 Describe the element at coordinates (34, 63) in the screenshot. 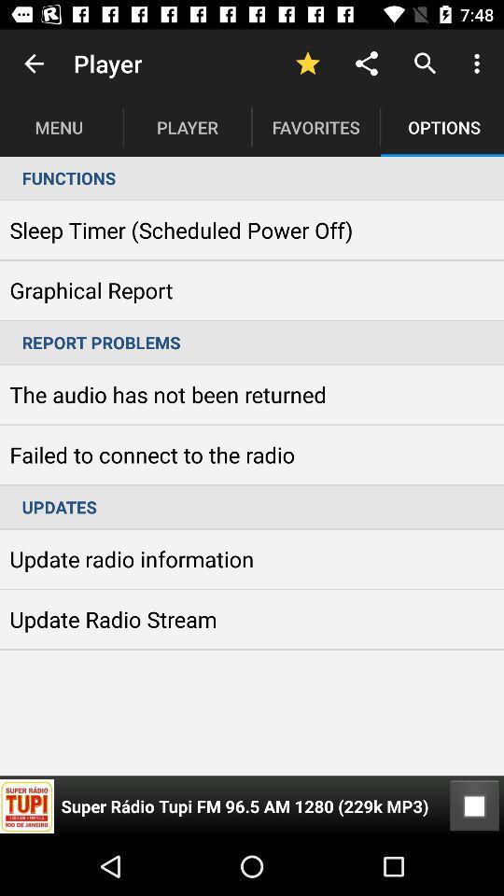

I see `the item next to player` at that location.